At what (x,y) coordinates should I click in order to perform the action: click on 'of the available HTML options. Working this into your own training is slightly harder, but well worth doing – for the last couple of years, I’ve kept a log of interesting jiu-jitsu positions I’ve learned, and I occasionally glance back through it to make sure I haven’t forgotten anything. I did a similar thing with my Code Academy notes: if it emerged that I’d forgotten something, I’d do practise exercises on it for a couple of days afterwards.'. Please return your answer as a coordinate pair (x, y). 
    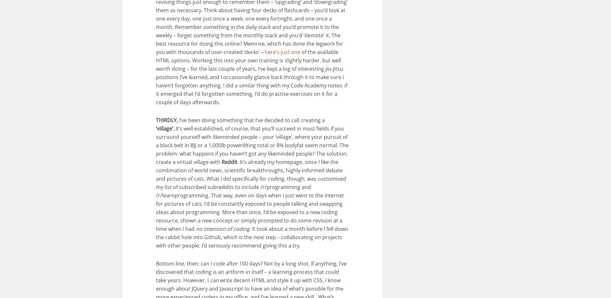
    Looking at the image, I should click on (251, 77).